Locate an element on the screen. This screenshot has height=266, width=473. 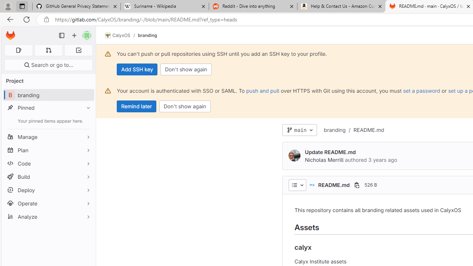
'main' is located at coordinates (299, 130).